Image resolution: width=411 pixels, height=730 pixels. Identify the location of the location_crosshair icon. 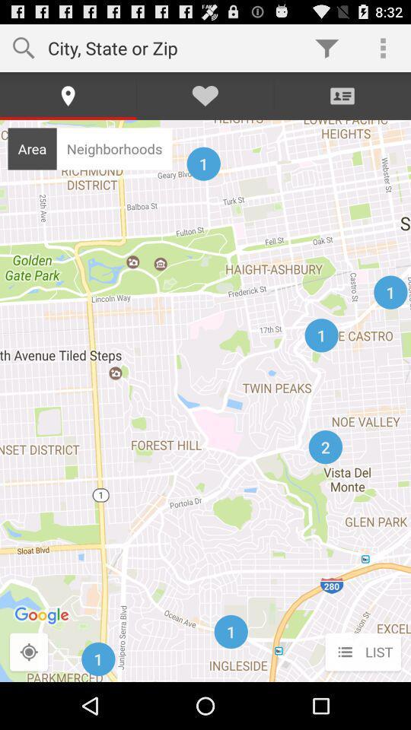
(29, 699).